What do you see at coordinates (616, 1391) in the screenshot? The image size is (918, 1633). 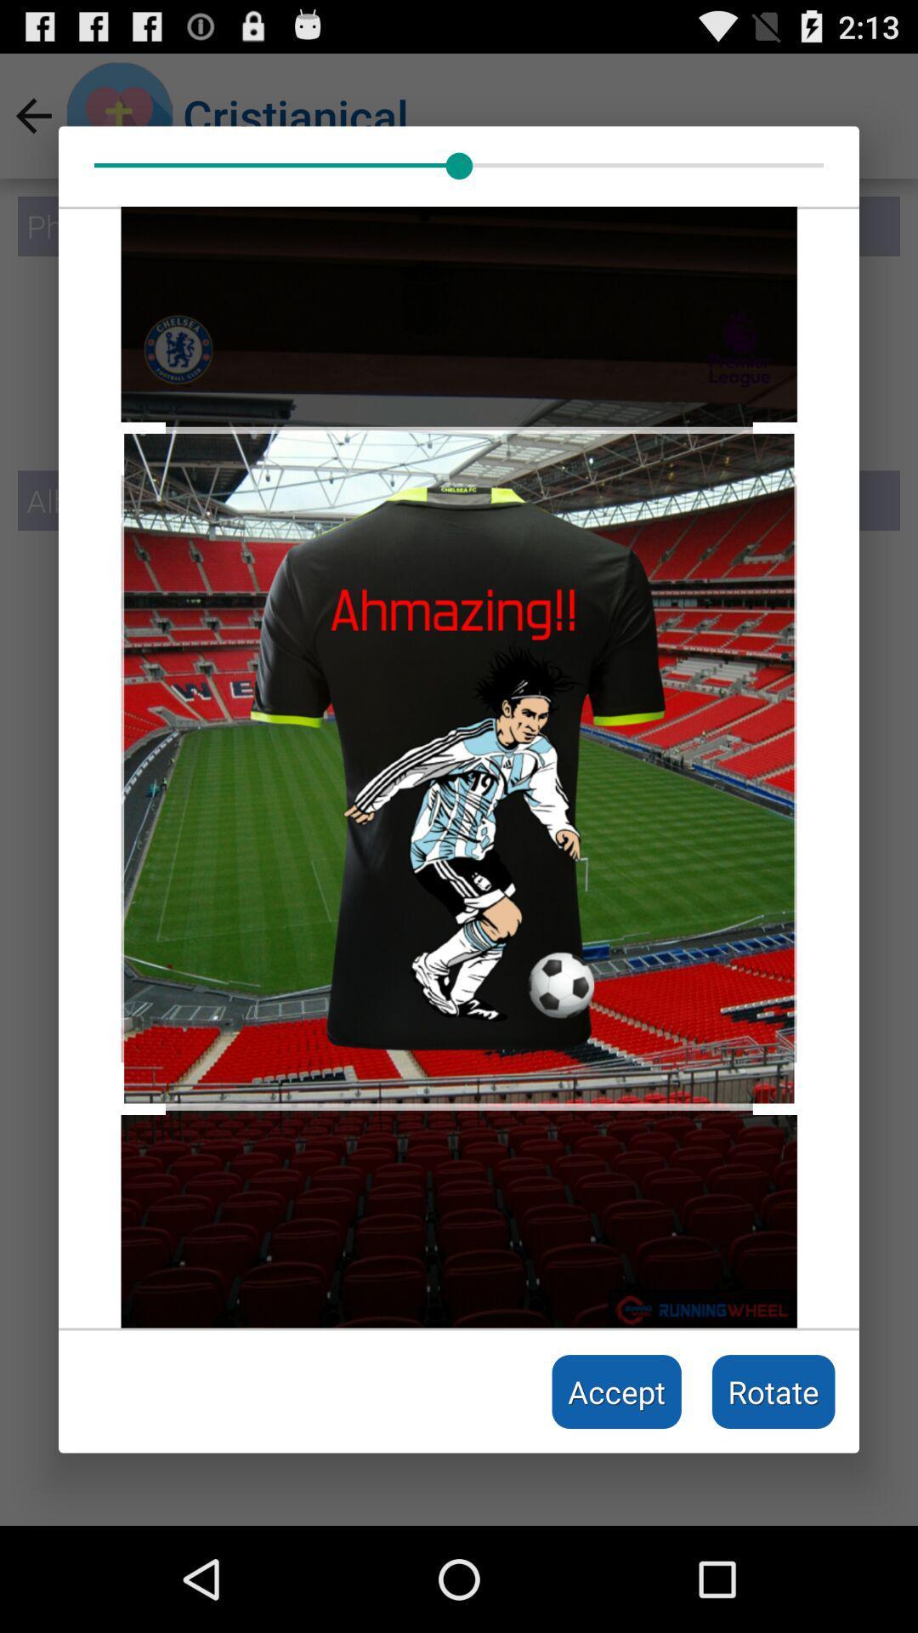 I see `the accept` at bounding box center [616, 1391].